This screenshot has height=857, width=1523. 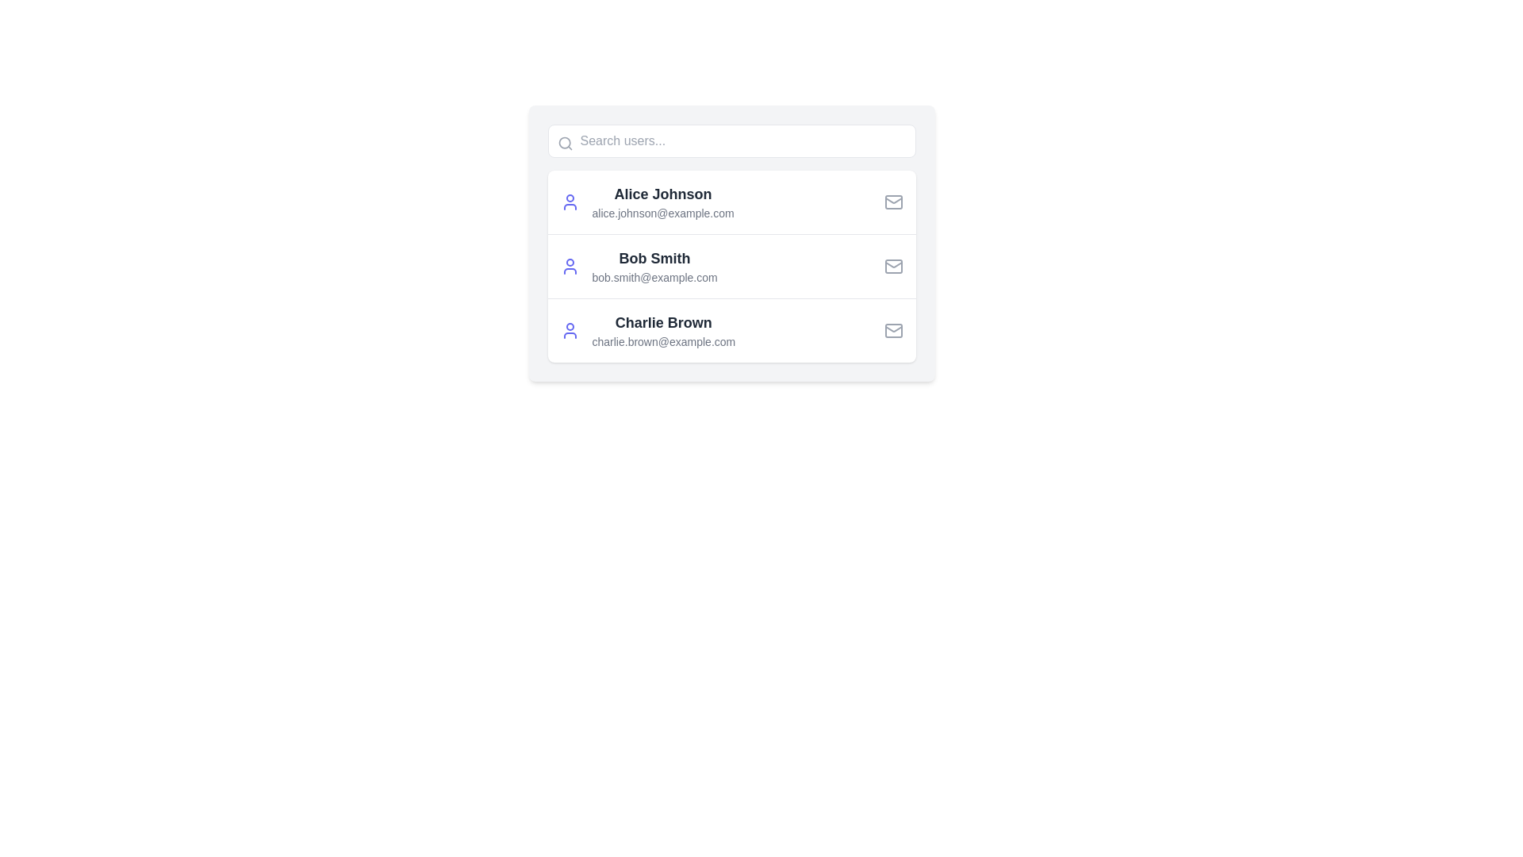 I want to click on the static text label displaying 'Alice Johnson', which is styled in bold with a larger font size and dark gray color, located above the email address 'alice.johnson@example.com' in the user list, so click(x=663, y=194).